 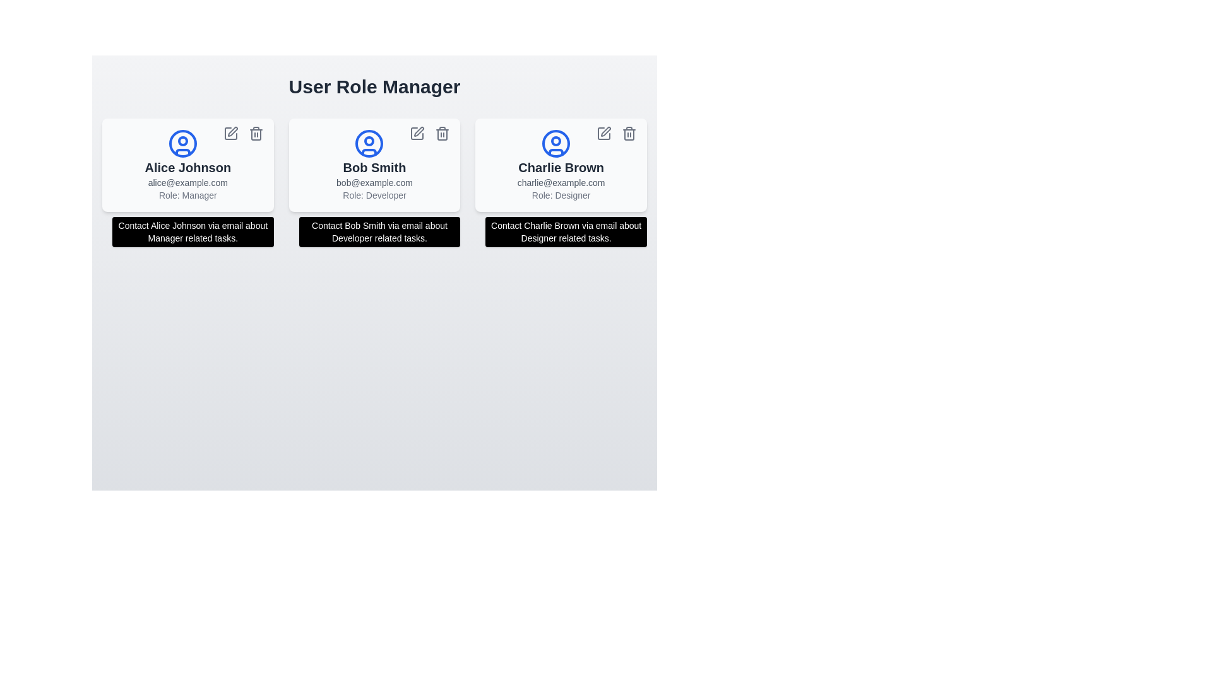 What do you see at coordinates (374, 195) in the screenshot?
I see `the text label that reads 'Role: Developer', which is styled in small gray font and located centrally within the user information card for 'Bob Smith'` at bounding box center [374, 195].